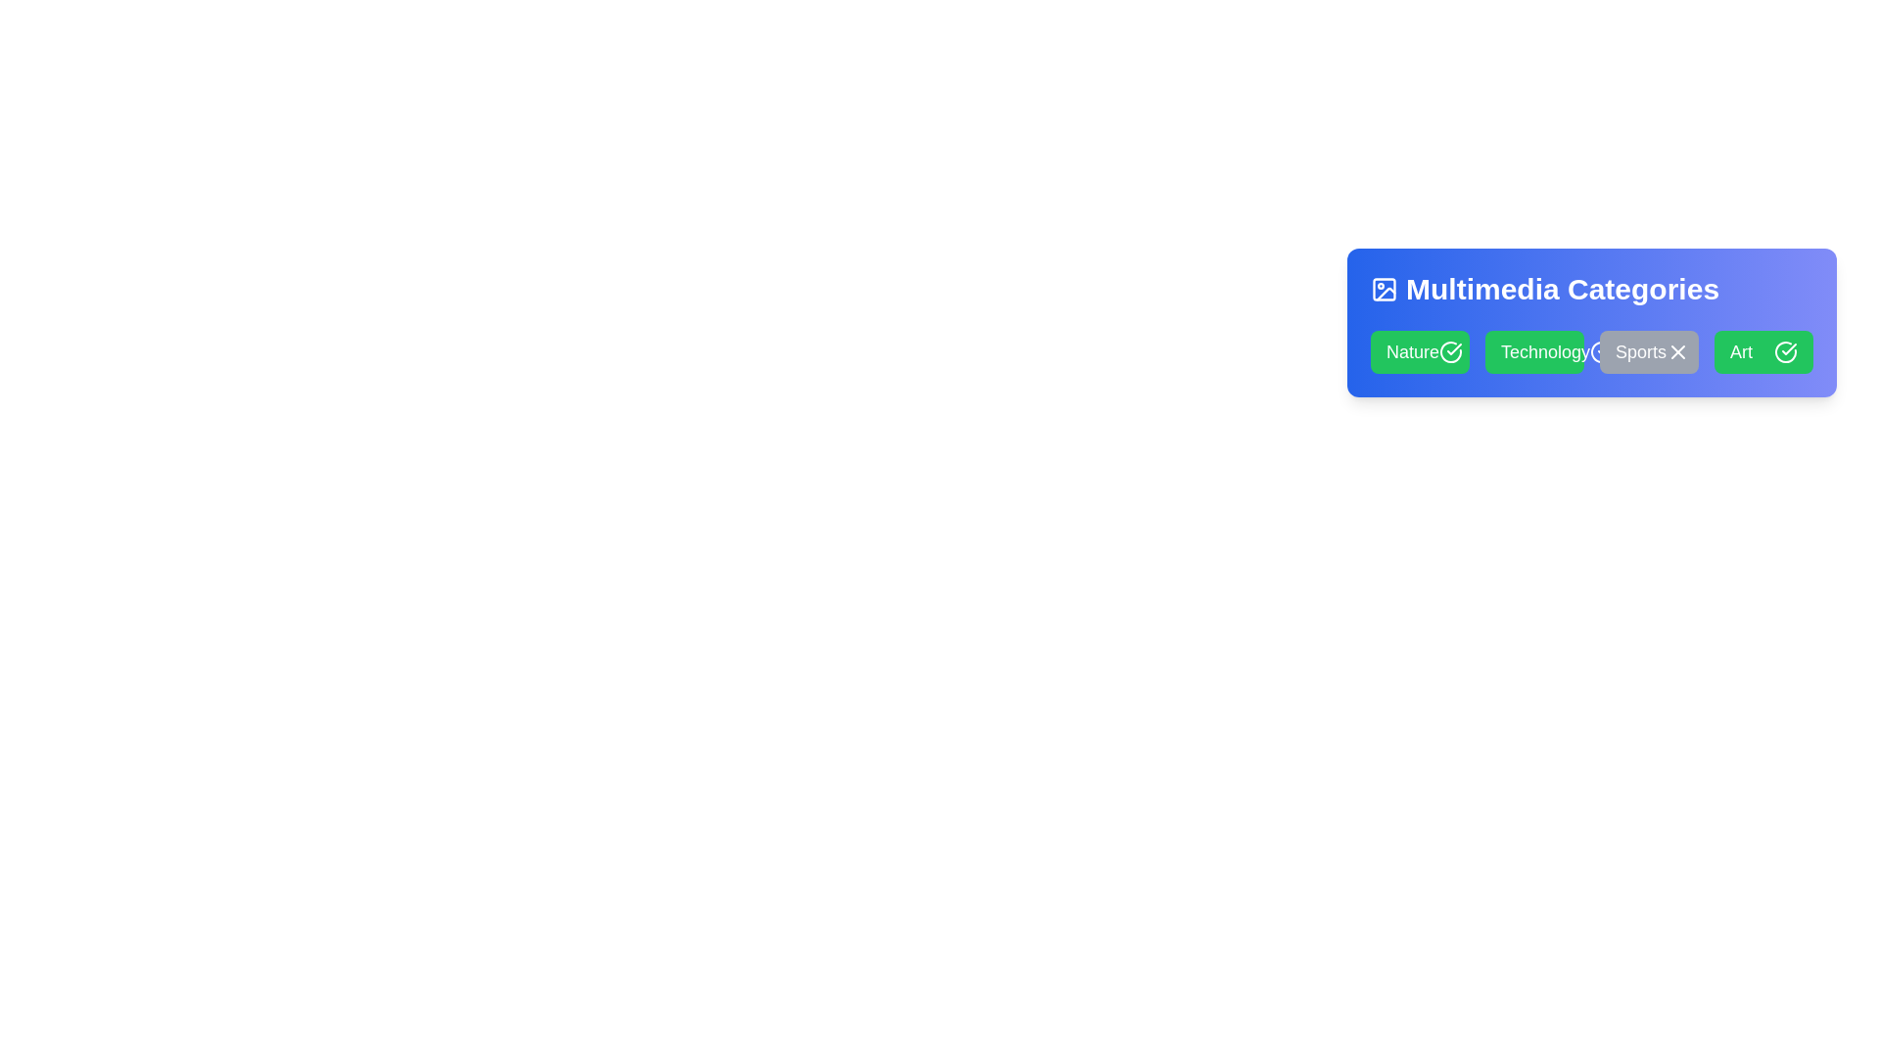 This screenshot has width=1880, height=1057. Describe the element at coordinates (1533, 350) in the screenshot. I see `the 'Technology' category button, which is the second button in a grid layout under the 'Multimedia Categories' header` at that location.